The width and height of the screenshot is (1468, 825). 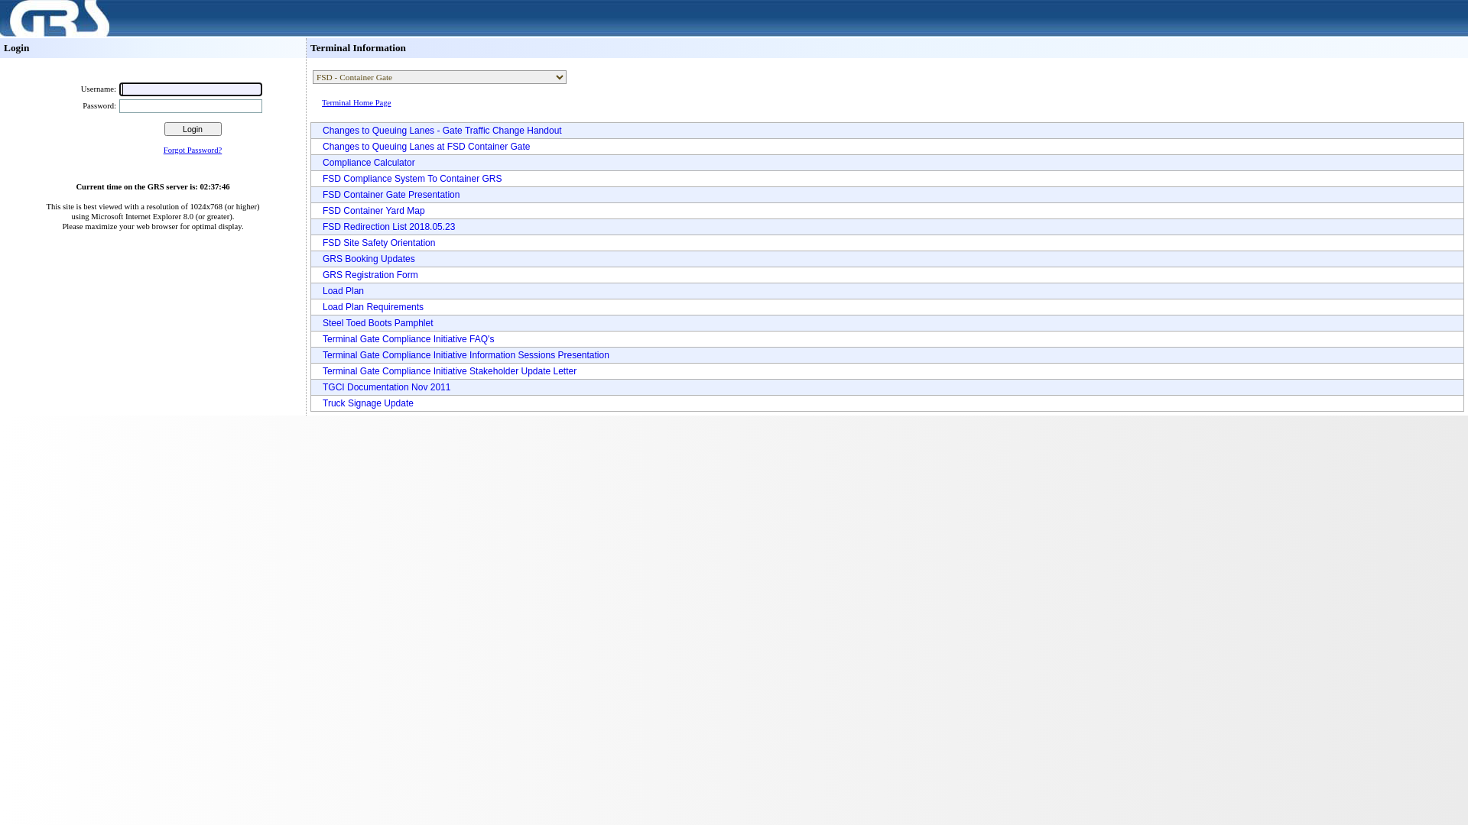 What do you see at coordinates (339, 291) in the screenshot?
I see `'Load Plan'` at bounding box center [339, 291].